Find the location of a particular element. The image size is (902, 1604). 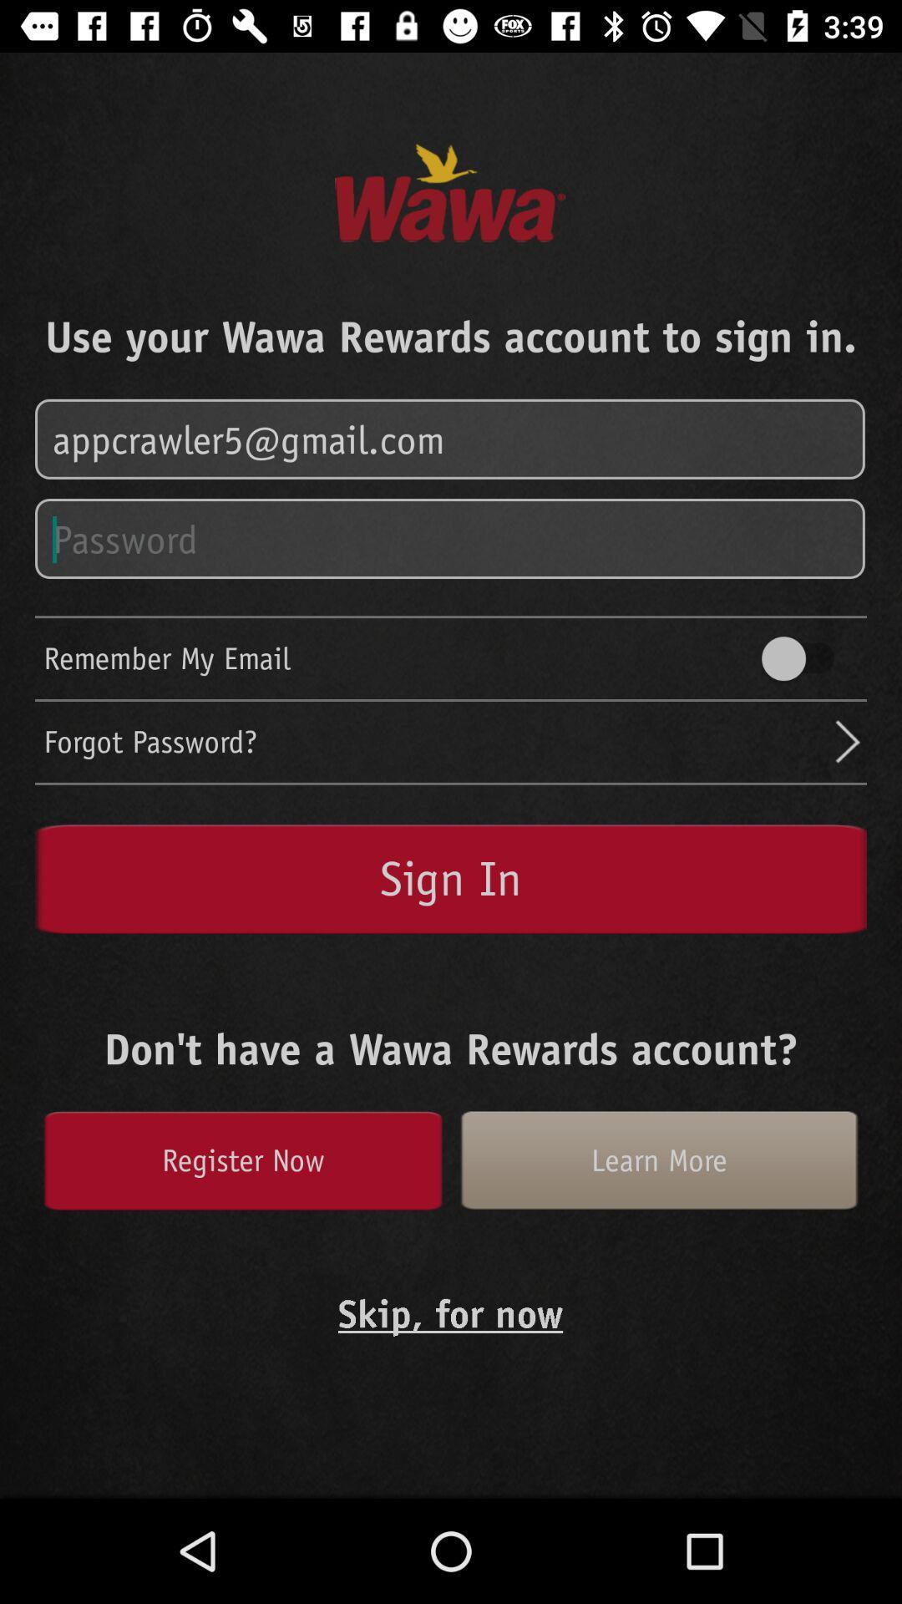

item at the bottom left corner is located at coordinates (242, 1160).